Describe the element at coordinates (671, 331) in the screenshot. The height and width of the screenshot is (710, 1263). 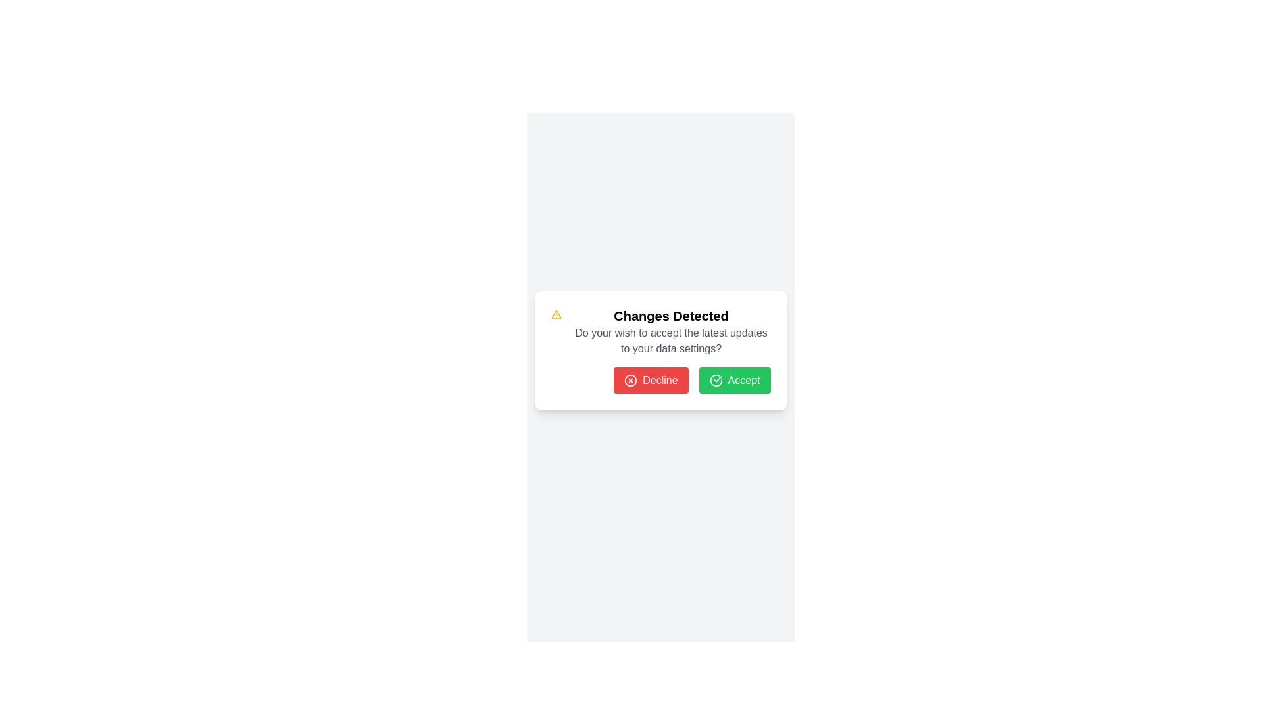
I see `text of the centered label that displays 'Changes Detected.' and 'Do your wish to accept the latest updates to your data settings?'` at that location.